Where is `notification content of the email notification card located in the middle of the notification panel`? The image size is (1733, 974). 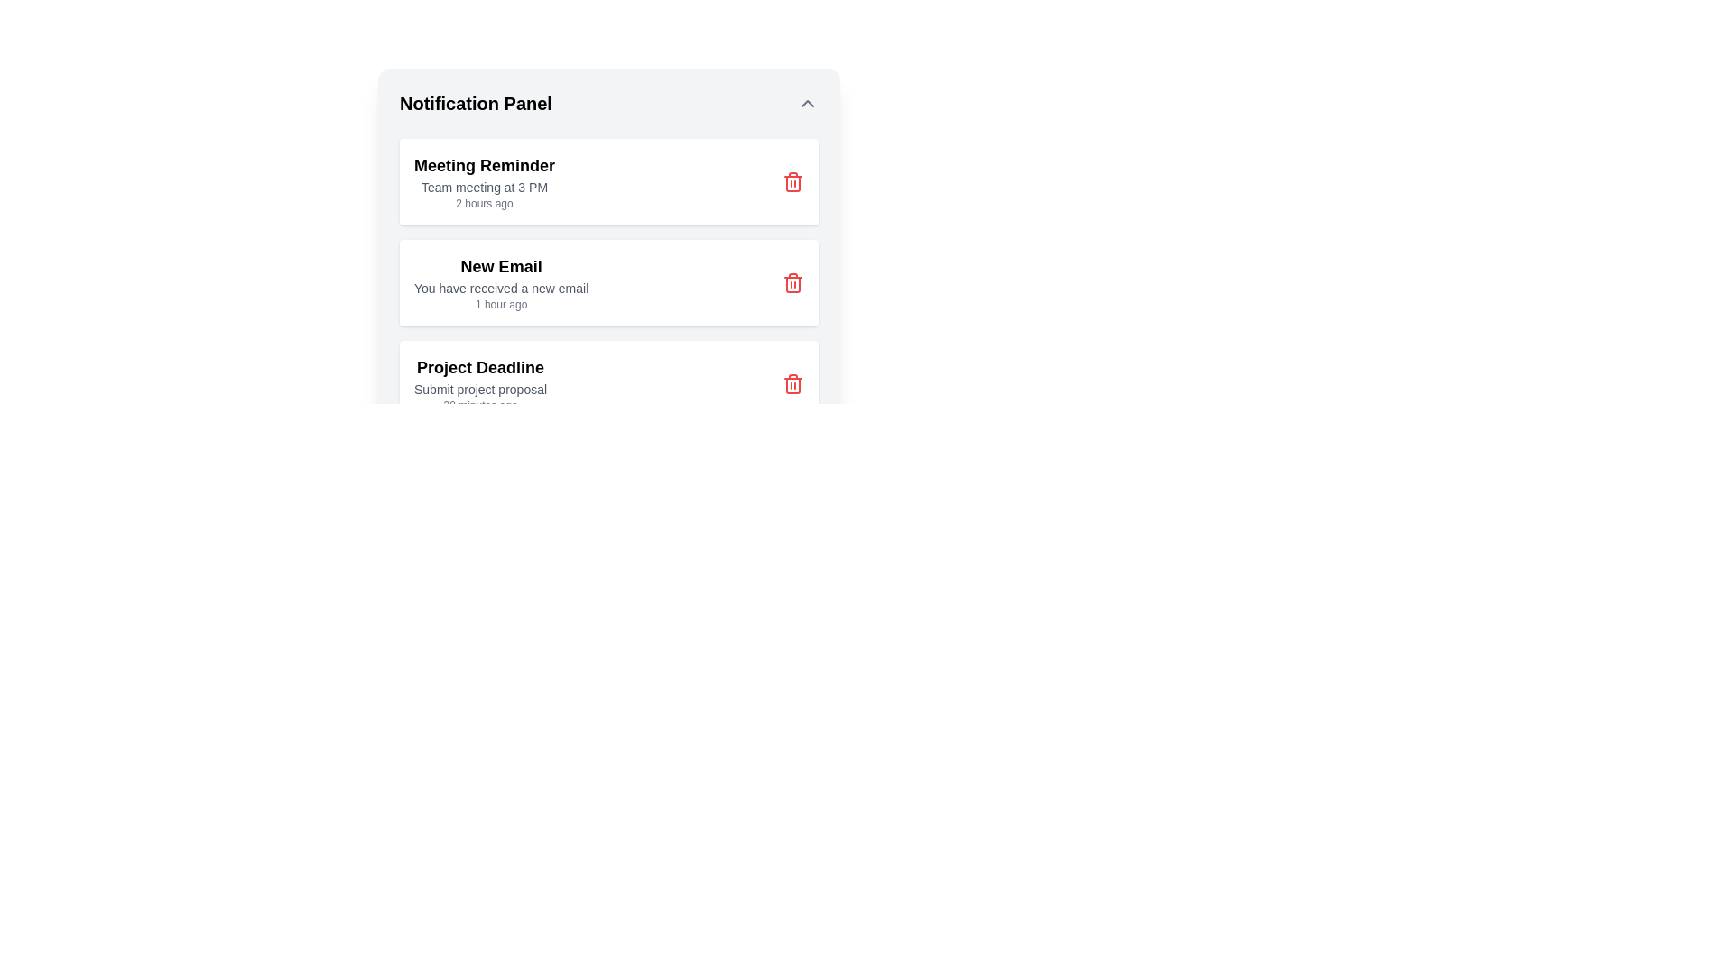
notification content of the email notification card located in the middle of the notification panel is located at coordinates (609, 284).